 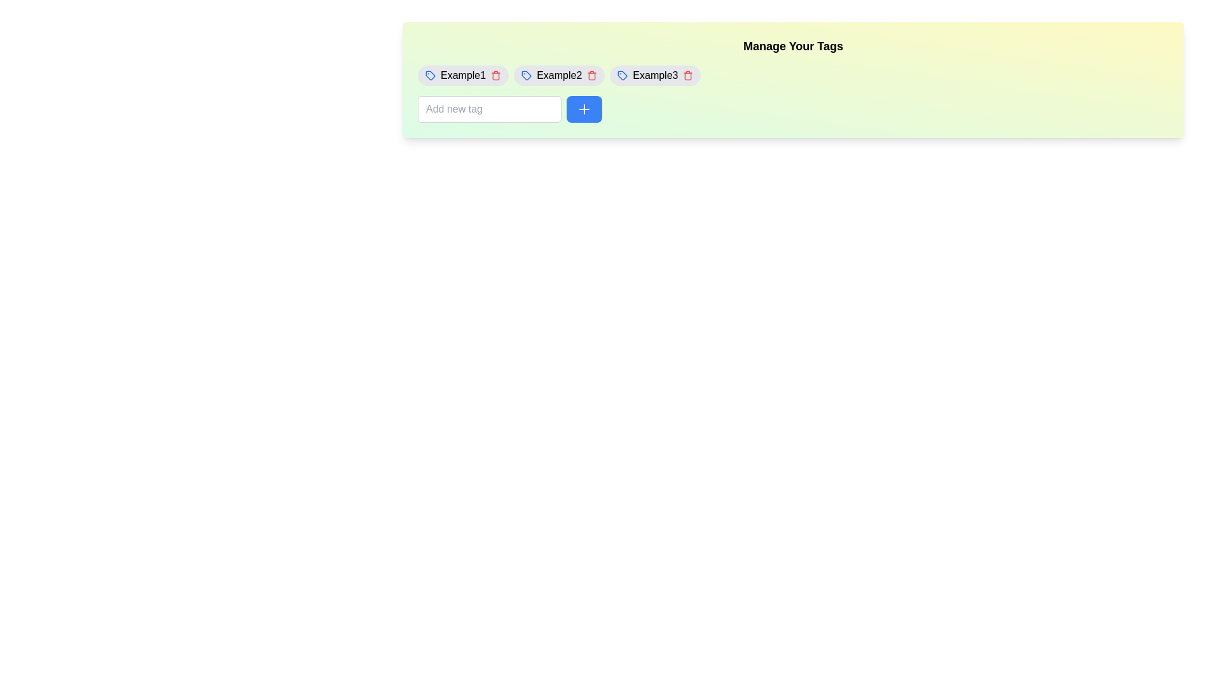 What do you see at coordinates (527, 76) in the screenshot?
I see `the tag-shaped icon preceding the text 'Example2' in the tag management section, located near the top center of the interface` at bounding box center [527, 76].